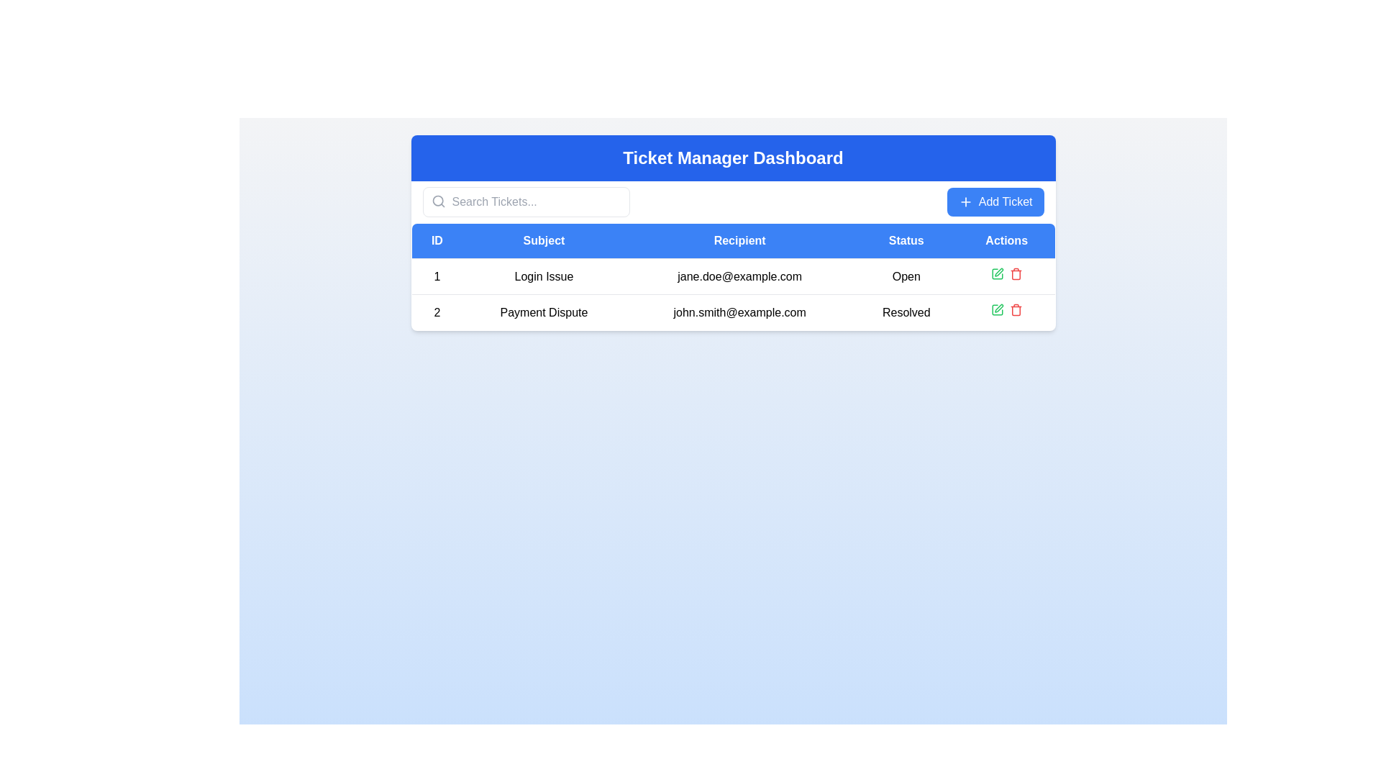 The width and height of the screenshot is (1381, 777). I want to click on the 'Status' text label, which is styled with a blue background and white centered text, located in the header row of a table, positioned between 'Recipient' and 'Actions', so click(906, 240).